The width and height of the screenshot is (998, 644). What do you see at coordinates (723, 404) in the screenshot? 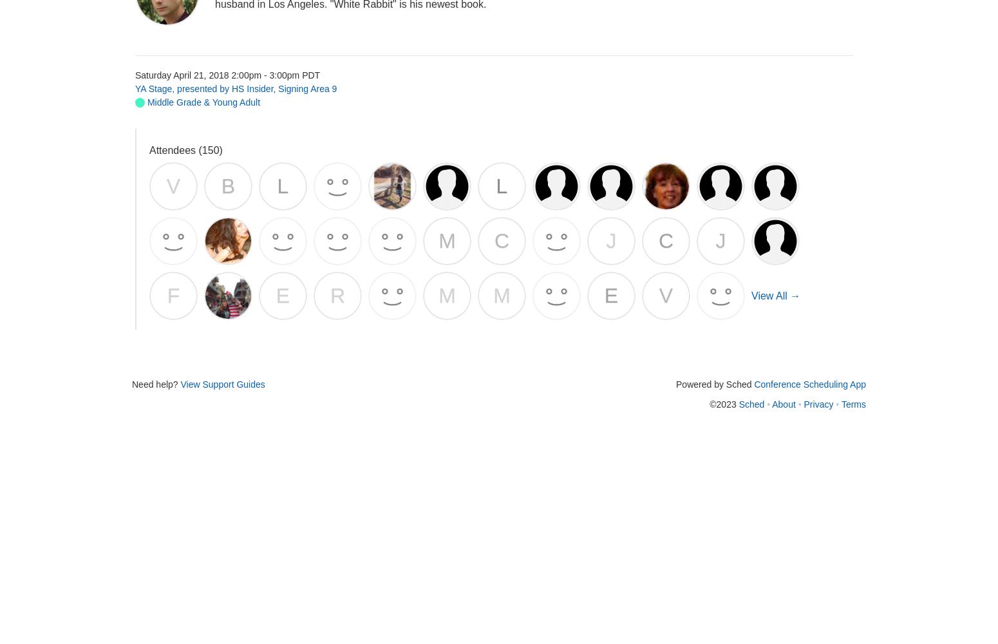
I see `'©2023'` at bounding box center [723, 404].